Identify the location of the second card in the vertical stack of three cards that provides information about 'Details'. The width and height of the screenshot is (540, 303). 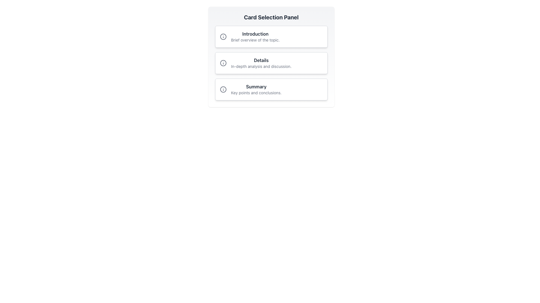
(271, 57).